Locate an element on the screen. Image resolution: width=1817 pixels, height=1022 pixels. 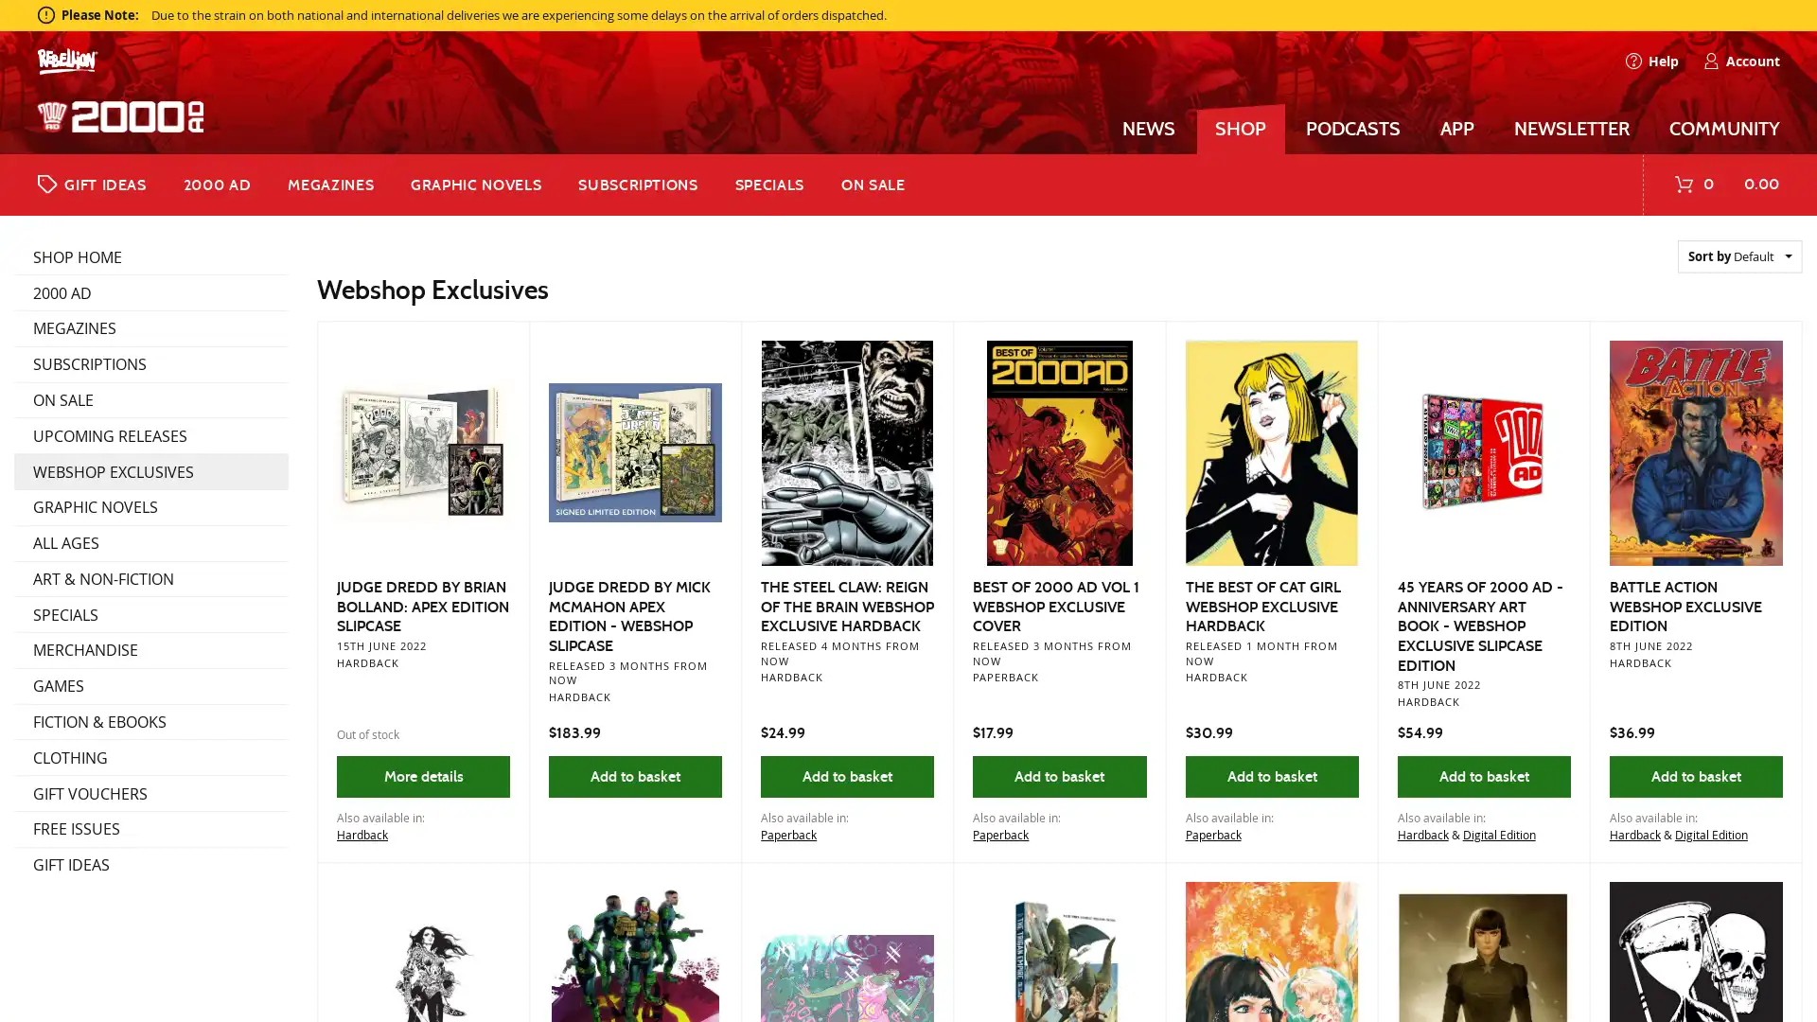
Add to basket is located at coordinates (1271, 776).